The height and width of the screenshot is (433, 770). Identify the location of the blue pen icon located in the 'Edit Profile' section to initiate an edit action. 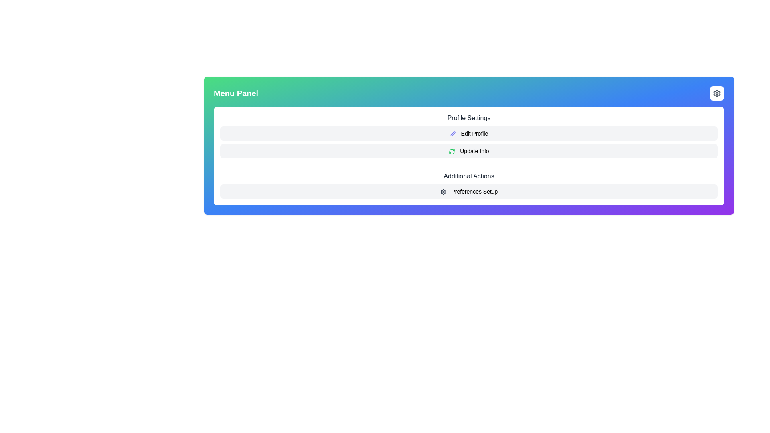
(453, 134).